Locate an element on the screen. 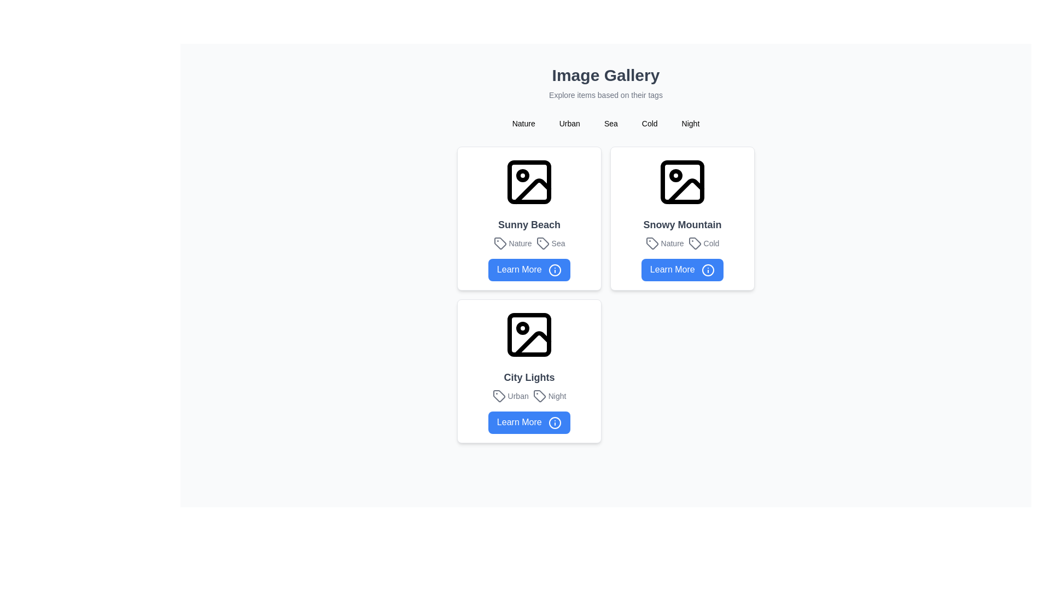 The height and width of the screenshot is (591, 1050). the 'Learn More' button with a blue background and white text, located at the bottom center of the 'City Lights' card for accessibility is located at coordinates (529, 422).